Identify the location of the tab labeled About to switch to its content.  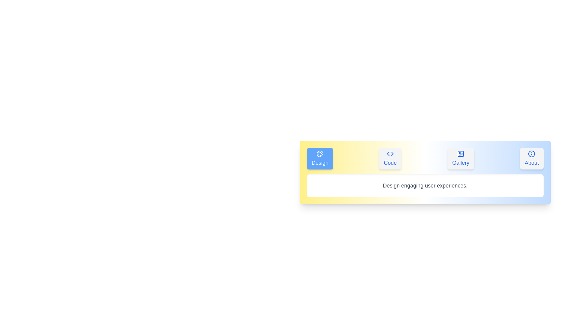
(532, 158).